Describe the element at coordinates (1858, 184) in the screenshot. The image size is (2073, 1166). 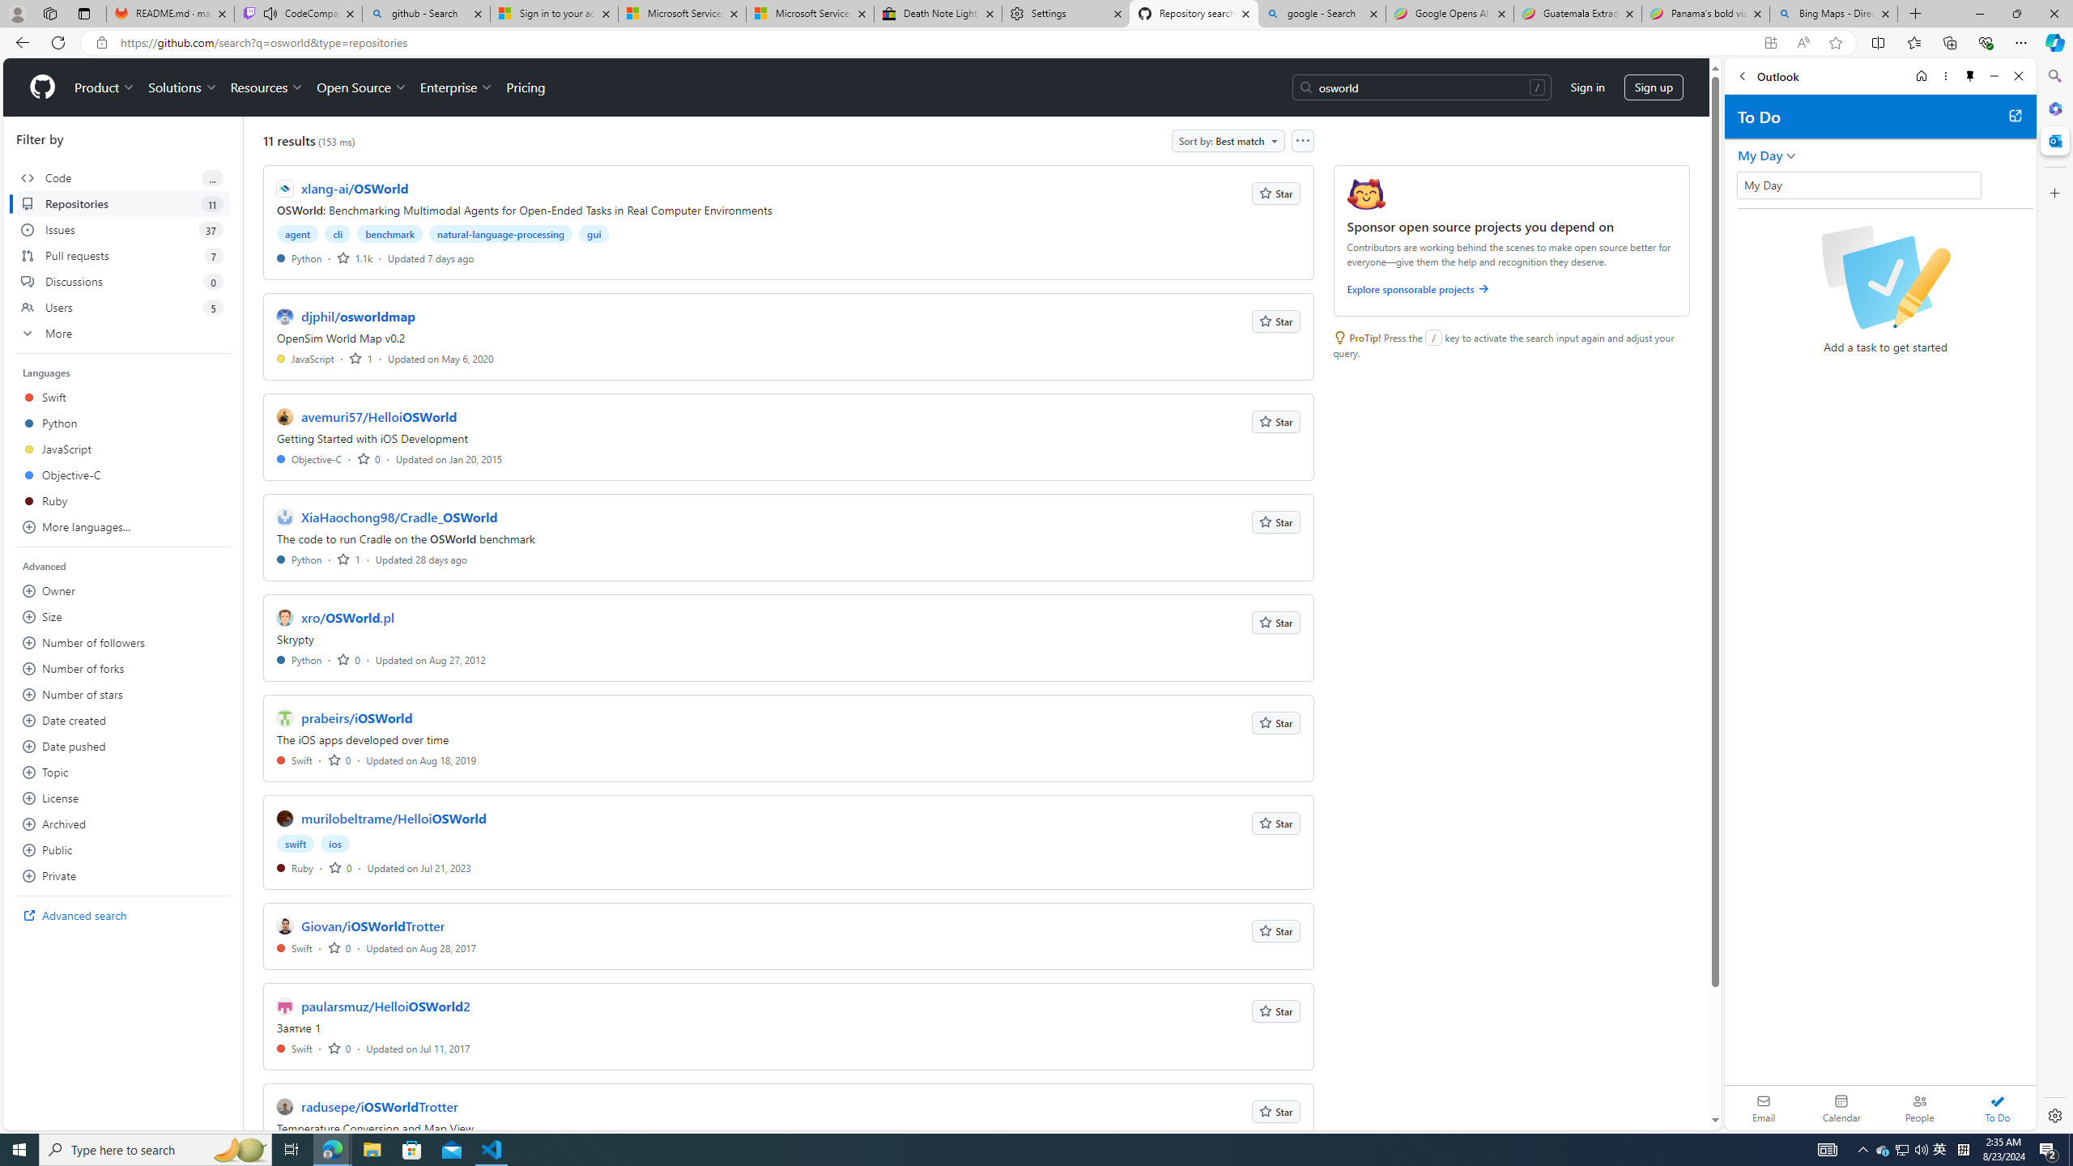
I see `'My Day'` at that location.